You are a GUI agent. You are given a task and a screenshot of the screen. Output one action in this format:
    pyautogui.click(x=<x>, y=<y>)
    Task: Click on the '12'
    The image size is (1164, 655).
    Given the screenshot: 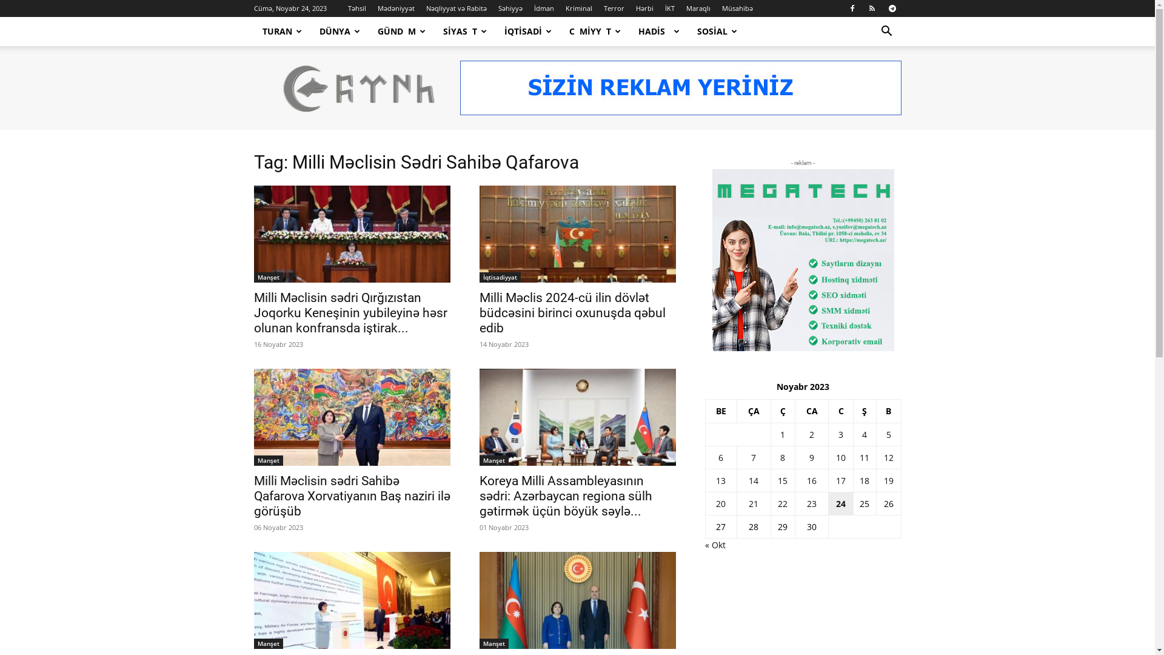 What is the action you would take?
    pyautogui.click(x=888, y=457)
    